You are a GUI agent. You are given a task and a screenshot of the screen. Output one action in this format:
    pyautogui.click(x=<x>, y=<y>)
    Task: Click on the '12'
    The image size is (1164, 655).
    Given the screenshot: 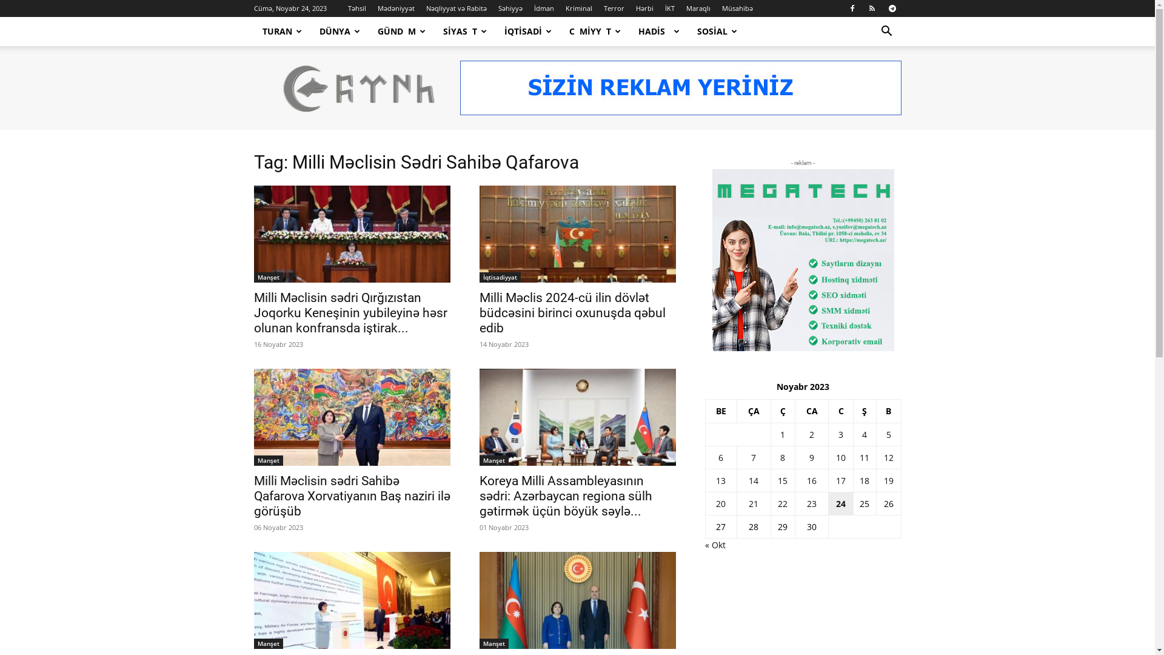 What is the action you would take?
    pyautogui.click(x=888, y=457)
    